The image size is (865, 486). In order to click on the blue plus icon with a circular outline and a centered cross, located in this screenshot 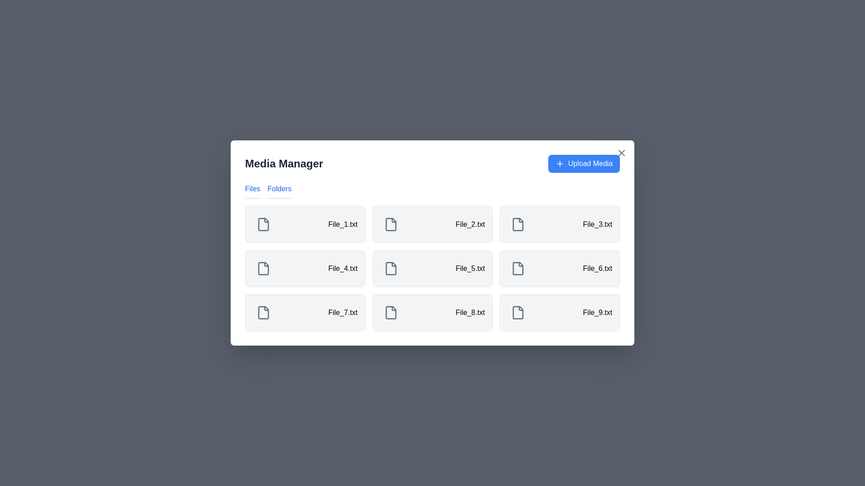, I will do `click(560, 163)`.